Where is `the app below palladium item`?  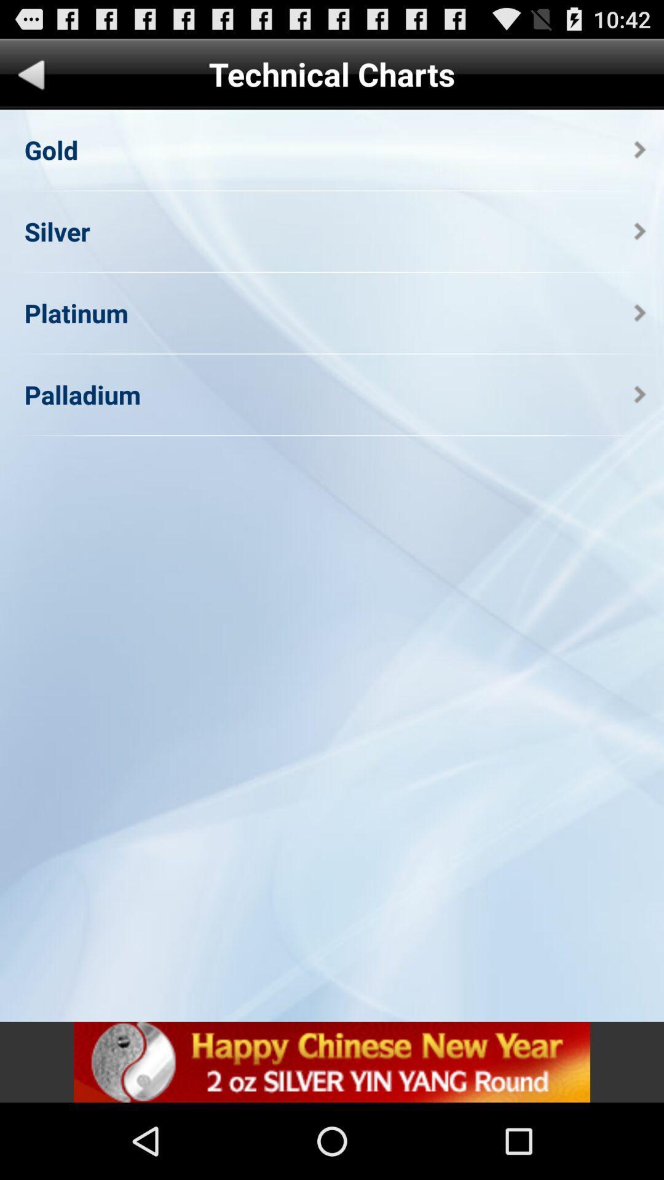 the app below palladium item is located at coordinates (332, 1061).